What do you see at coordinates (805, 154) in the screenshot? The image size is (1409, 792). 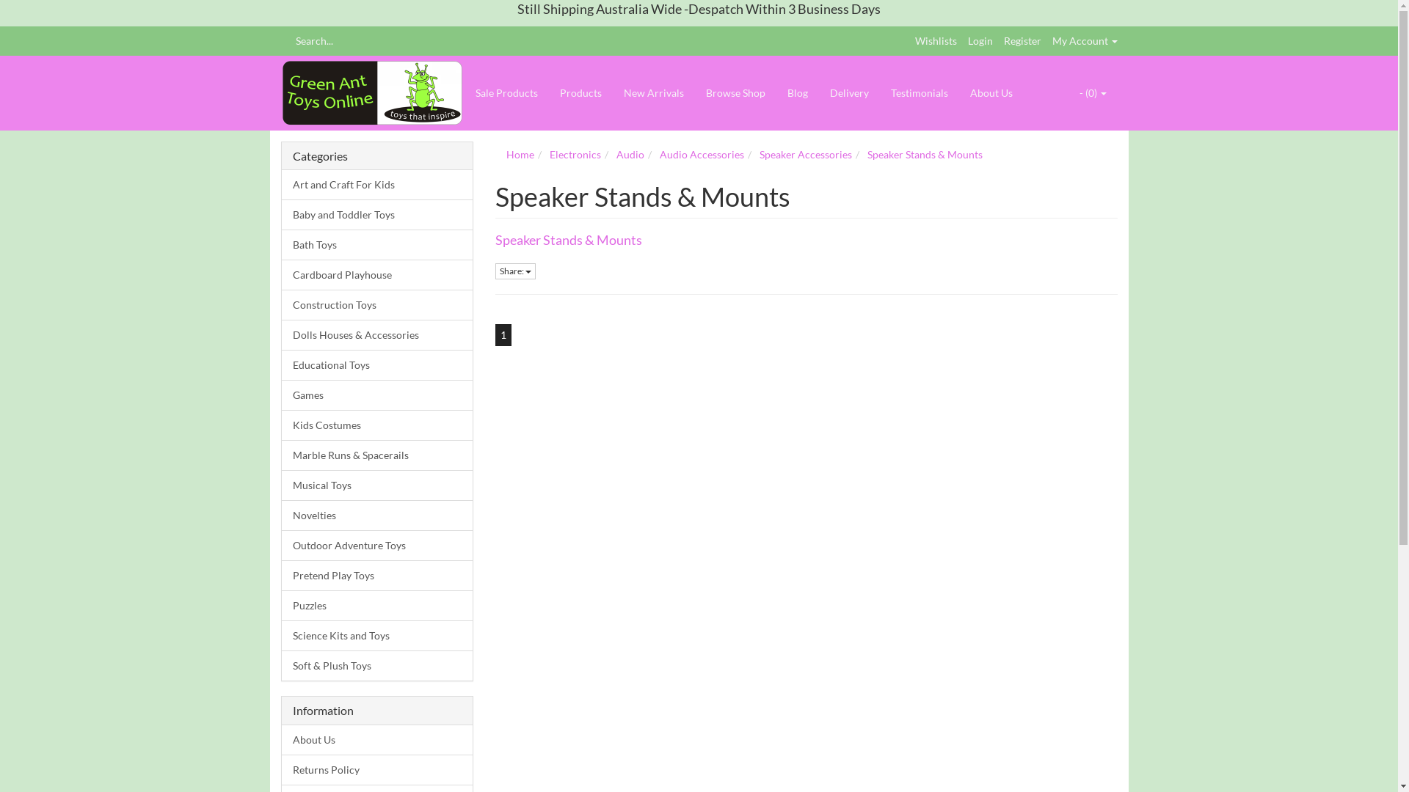 I see `'Speaker Accessories'` at bounding box center [805, 154].